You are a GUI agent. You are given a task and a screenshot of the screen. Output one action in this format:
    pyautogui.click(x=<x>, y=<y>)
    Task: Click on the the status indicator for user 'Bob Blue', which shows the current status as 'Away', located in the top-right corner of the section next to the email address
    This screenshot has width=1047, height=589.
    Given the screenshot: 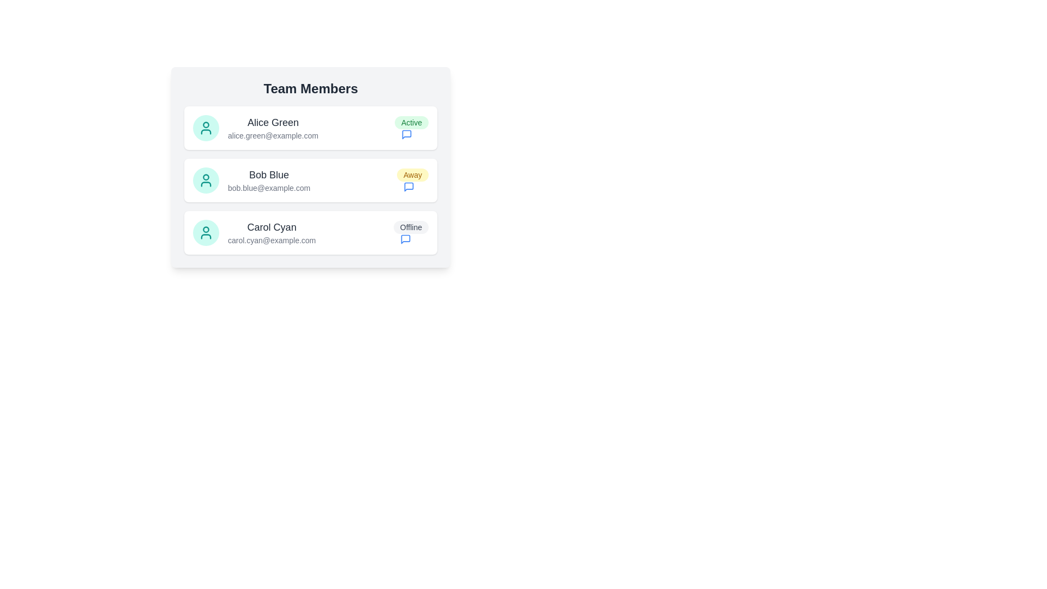 What is the action you would take?
    pyautogui.click(x=412, y=180)
    